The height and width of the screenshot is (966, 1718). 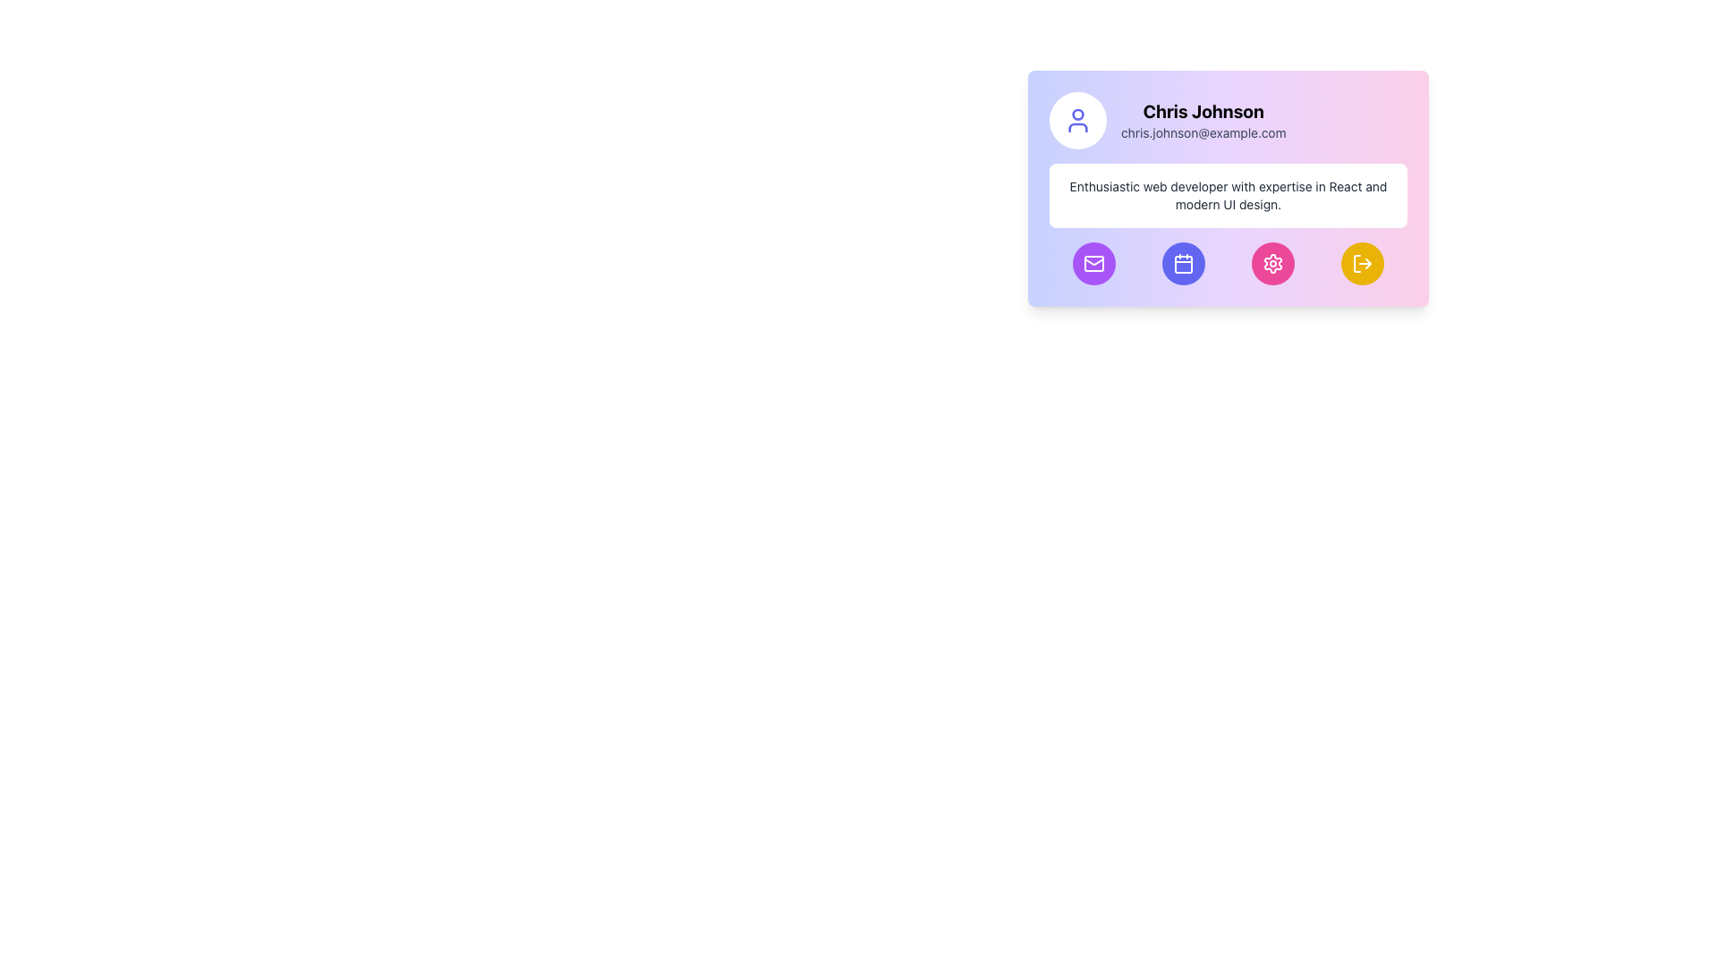 What do you see at coordinates (1227, 196) in the screenshot?
I see `text description from the text component that displays 'Enthusiastic web developer with expertise in React and modern UI design.' located in the lower-middle section beneath the header` at bounding box center [1227, 196].